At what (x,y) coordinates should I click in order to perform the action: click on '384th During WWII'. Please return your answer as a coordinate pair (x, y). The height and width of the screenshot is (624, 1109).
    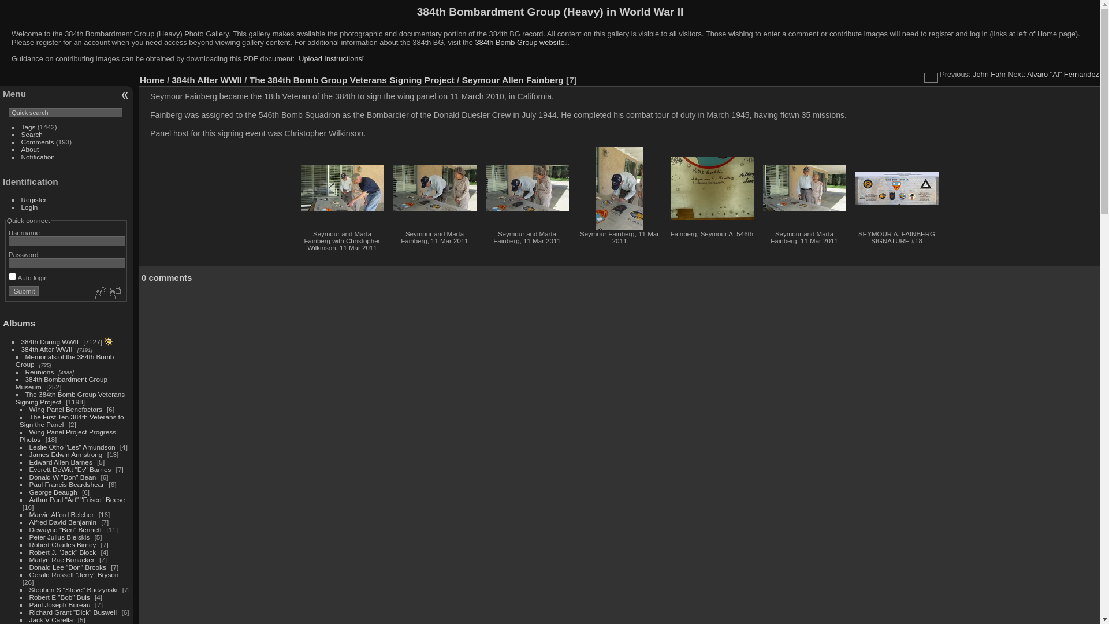
    Looking at the image, I should click on (21, 341).